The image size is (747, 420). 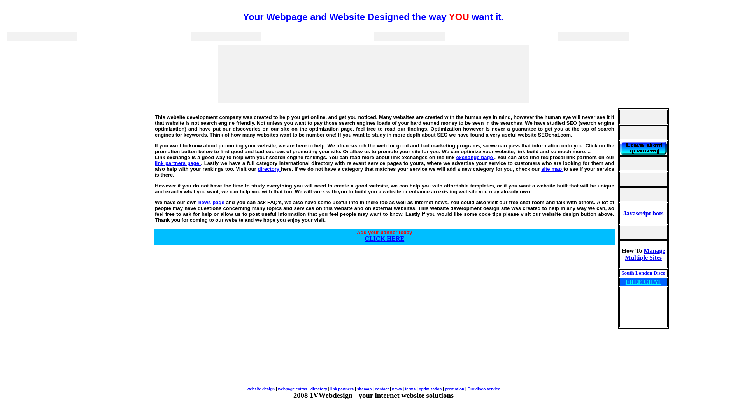 What do you see at coordinates (645, 254) in the screenshot?
I see `'Manage Multiple Sites'` at bounding box center [645, 254].